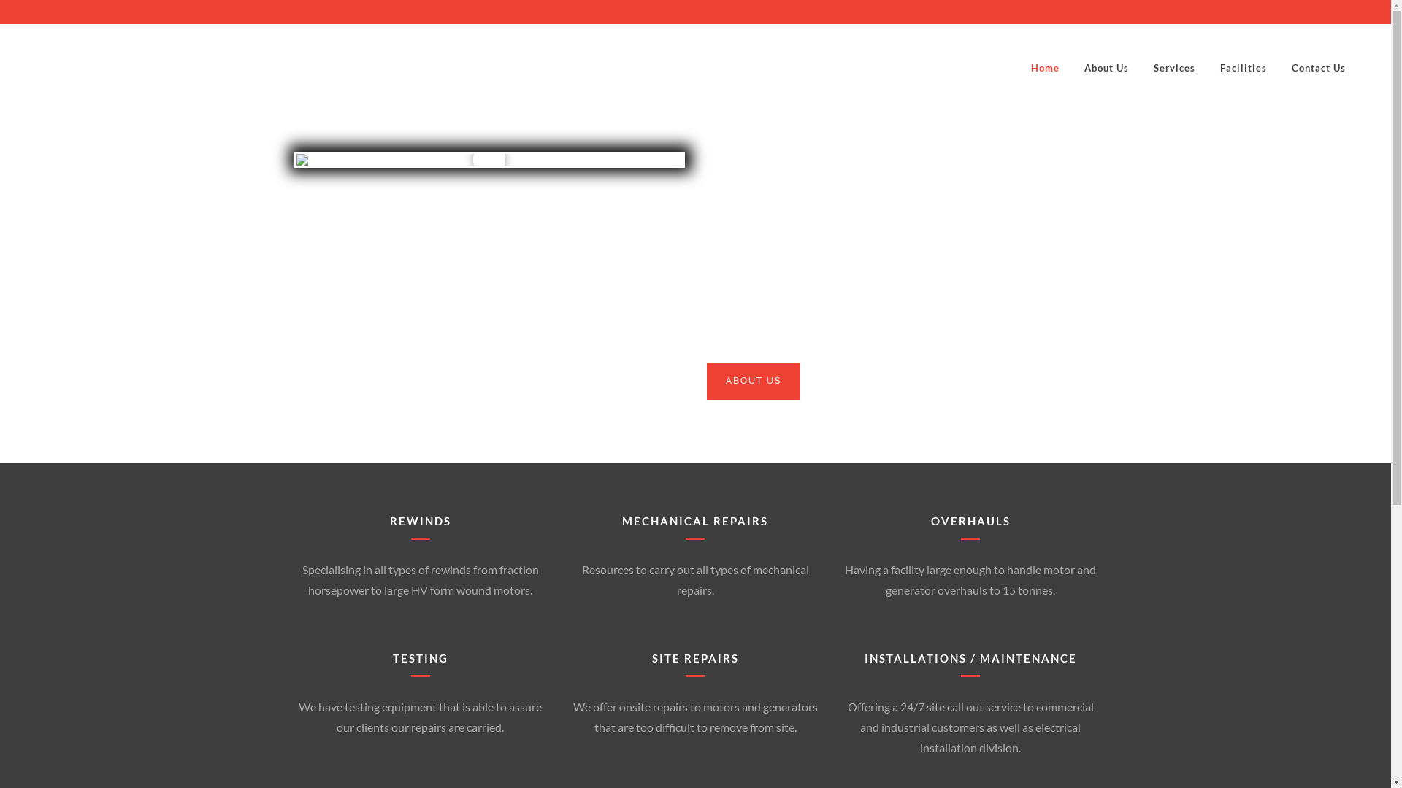 This screenshot has width=1402, height=788. What do you see at coordinates (1208, 67) in the screenshot?
I see `'Facilities'` at bounding box center [1208, 67].